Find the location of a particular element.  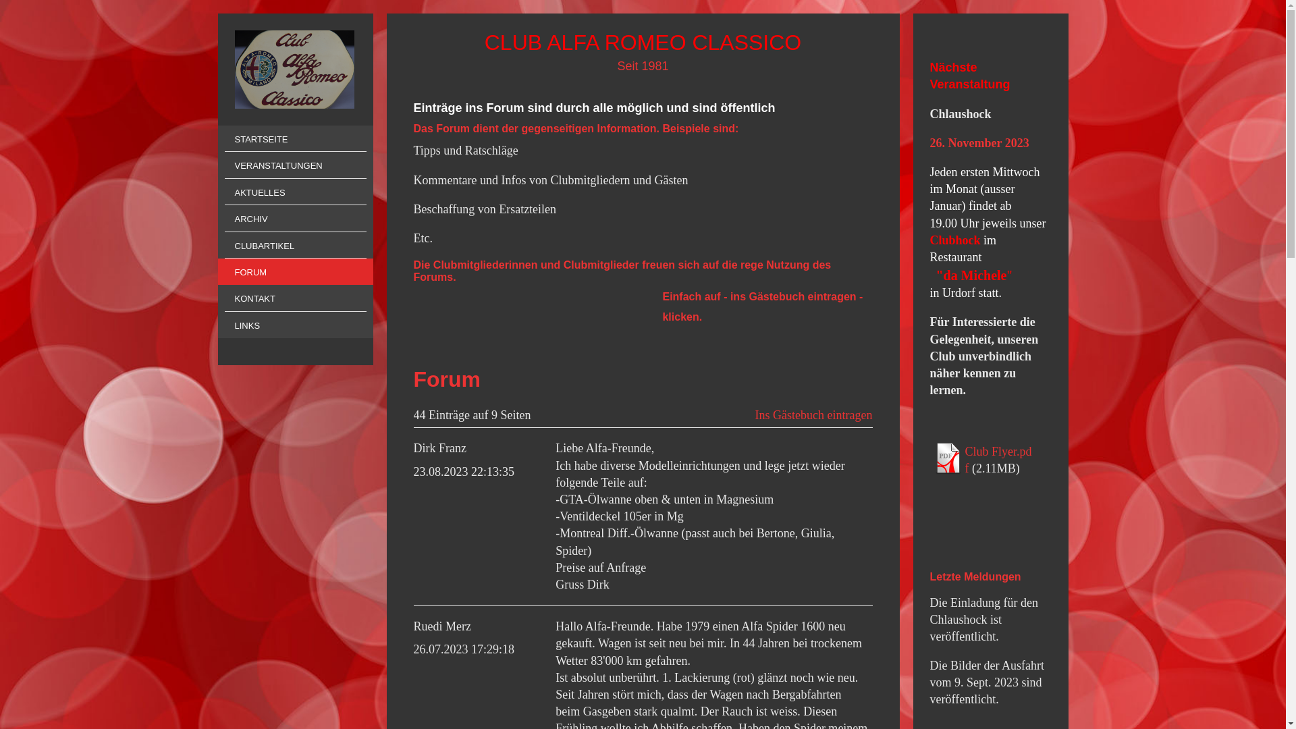

'STARTSEITE' is located at coordinates (223, 138).